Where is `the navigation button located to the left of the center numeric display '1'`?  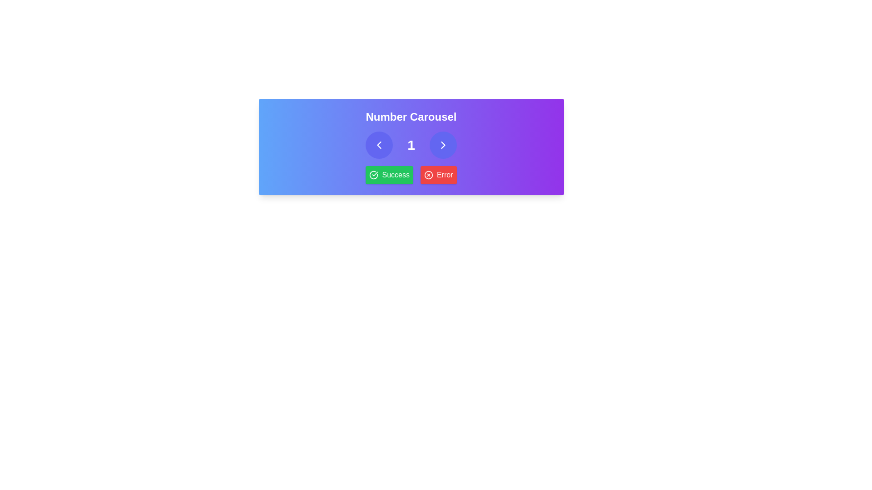
the navigation button located to the left of the center numeric display '1' is located at coordinates (379, 145).